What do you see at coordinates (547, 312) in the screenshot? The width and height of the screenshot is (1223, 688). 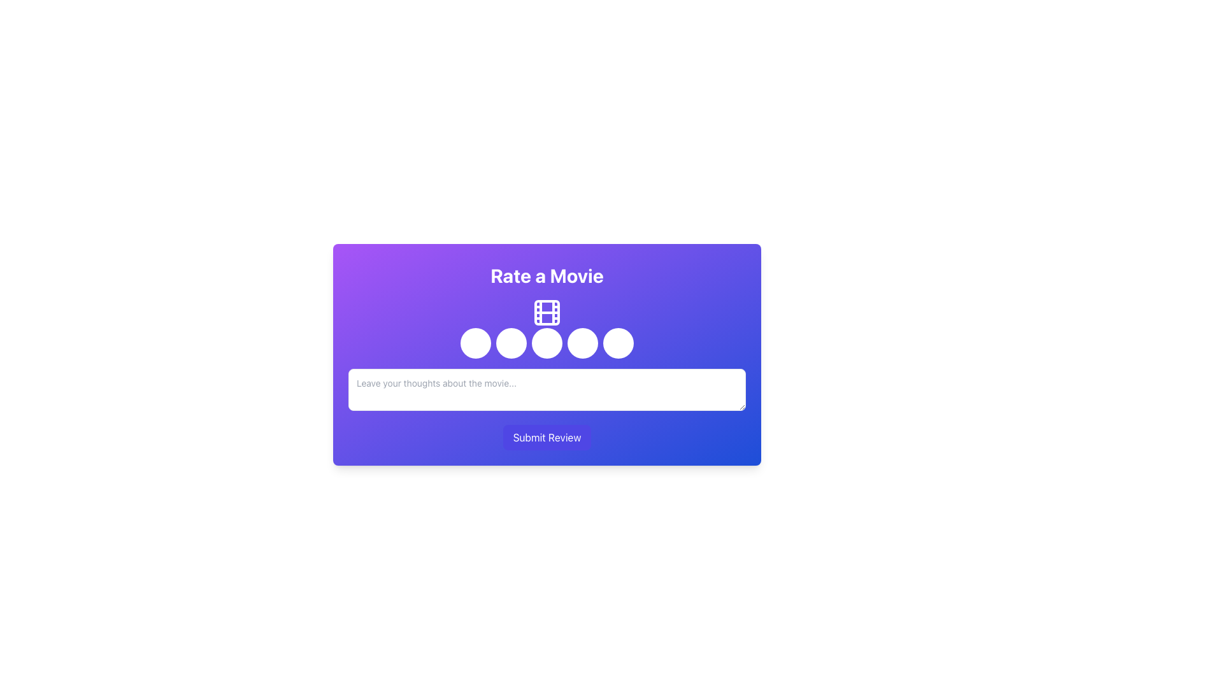 I see `the movie icon located directly below the 'Rate a Movie' text heading, which serves a decorative purpose in the interface` at bounding box center [547, 312].